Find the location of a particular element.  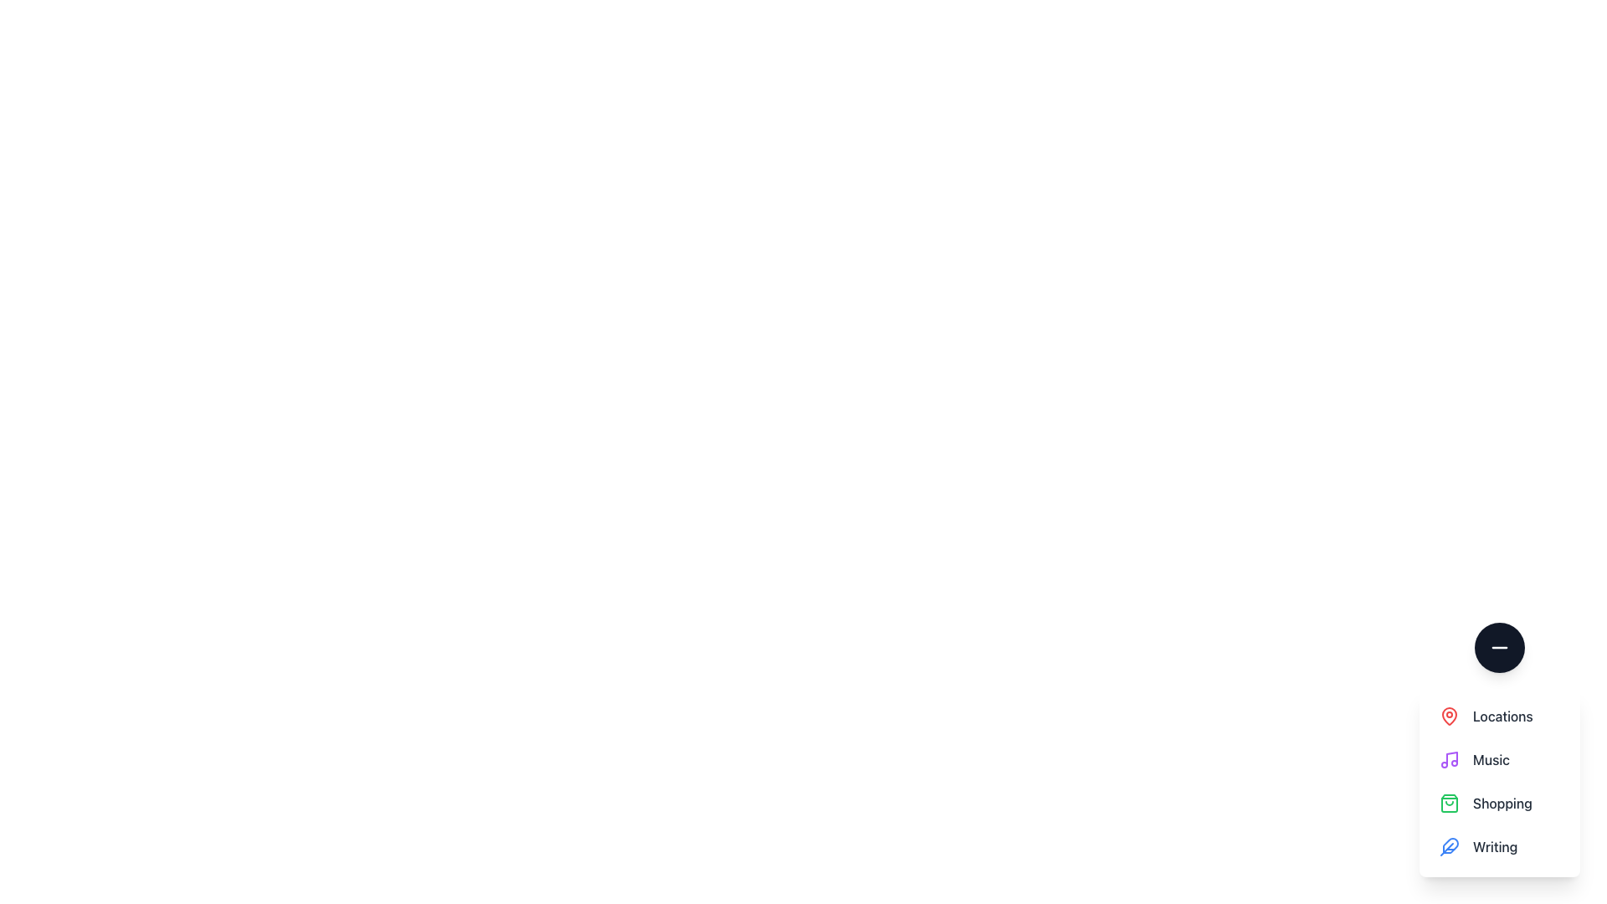

the green shopping bag icon's outline, which is the third item in the vertical menu list, located between the music and writing categories is located at coordinates (1449, 803).